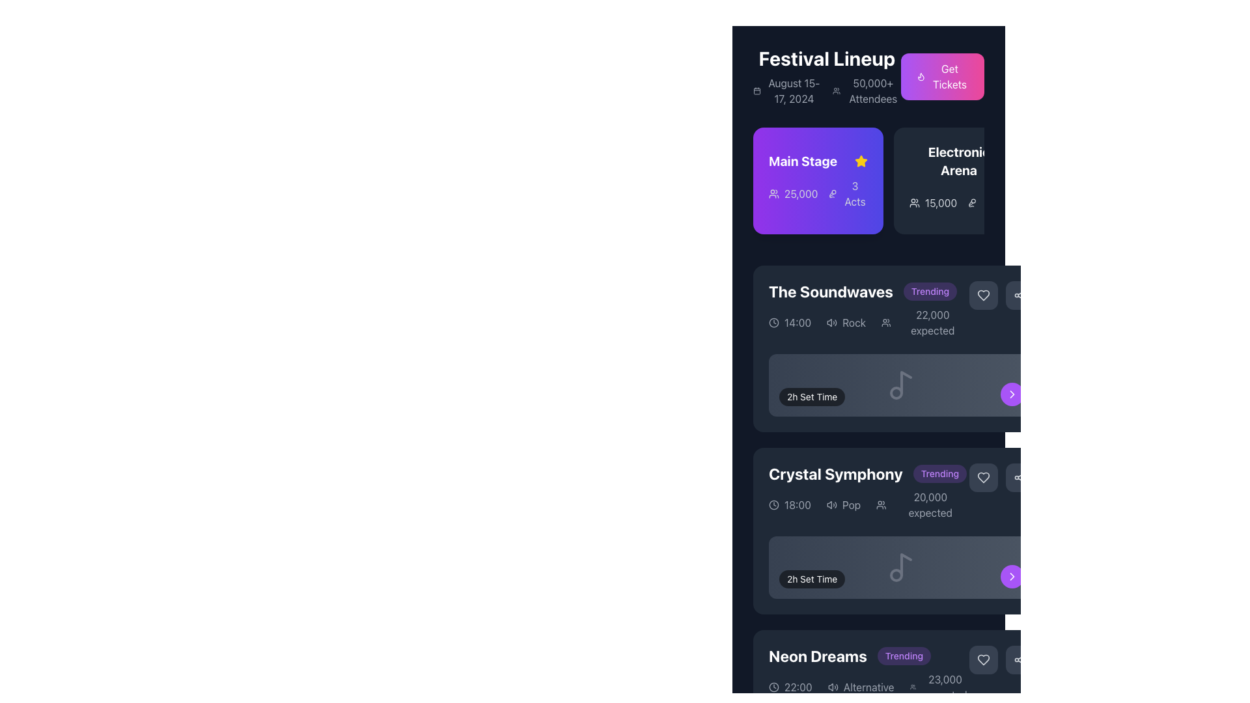  What do you see at coordinates (817, 655) in the screenshot?
I see `the static text label displaying 'Neon Dreams' which is styled in bold, 2xl font and changes color to purple on hover` at bounding box center [817, 655].